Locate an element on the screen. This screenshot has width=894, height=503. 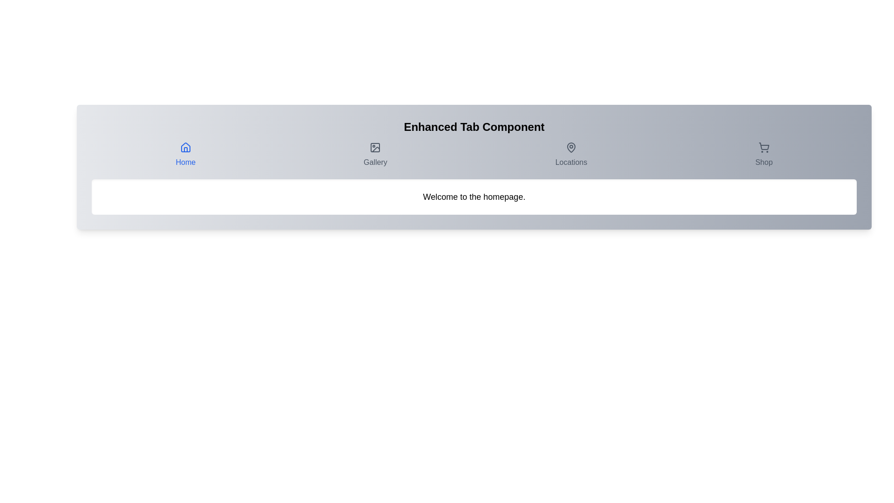
the static text label that describes the 'Gallery' navigation option, located in the top navigation bar below the image icon is located at coordinates (375, 162).